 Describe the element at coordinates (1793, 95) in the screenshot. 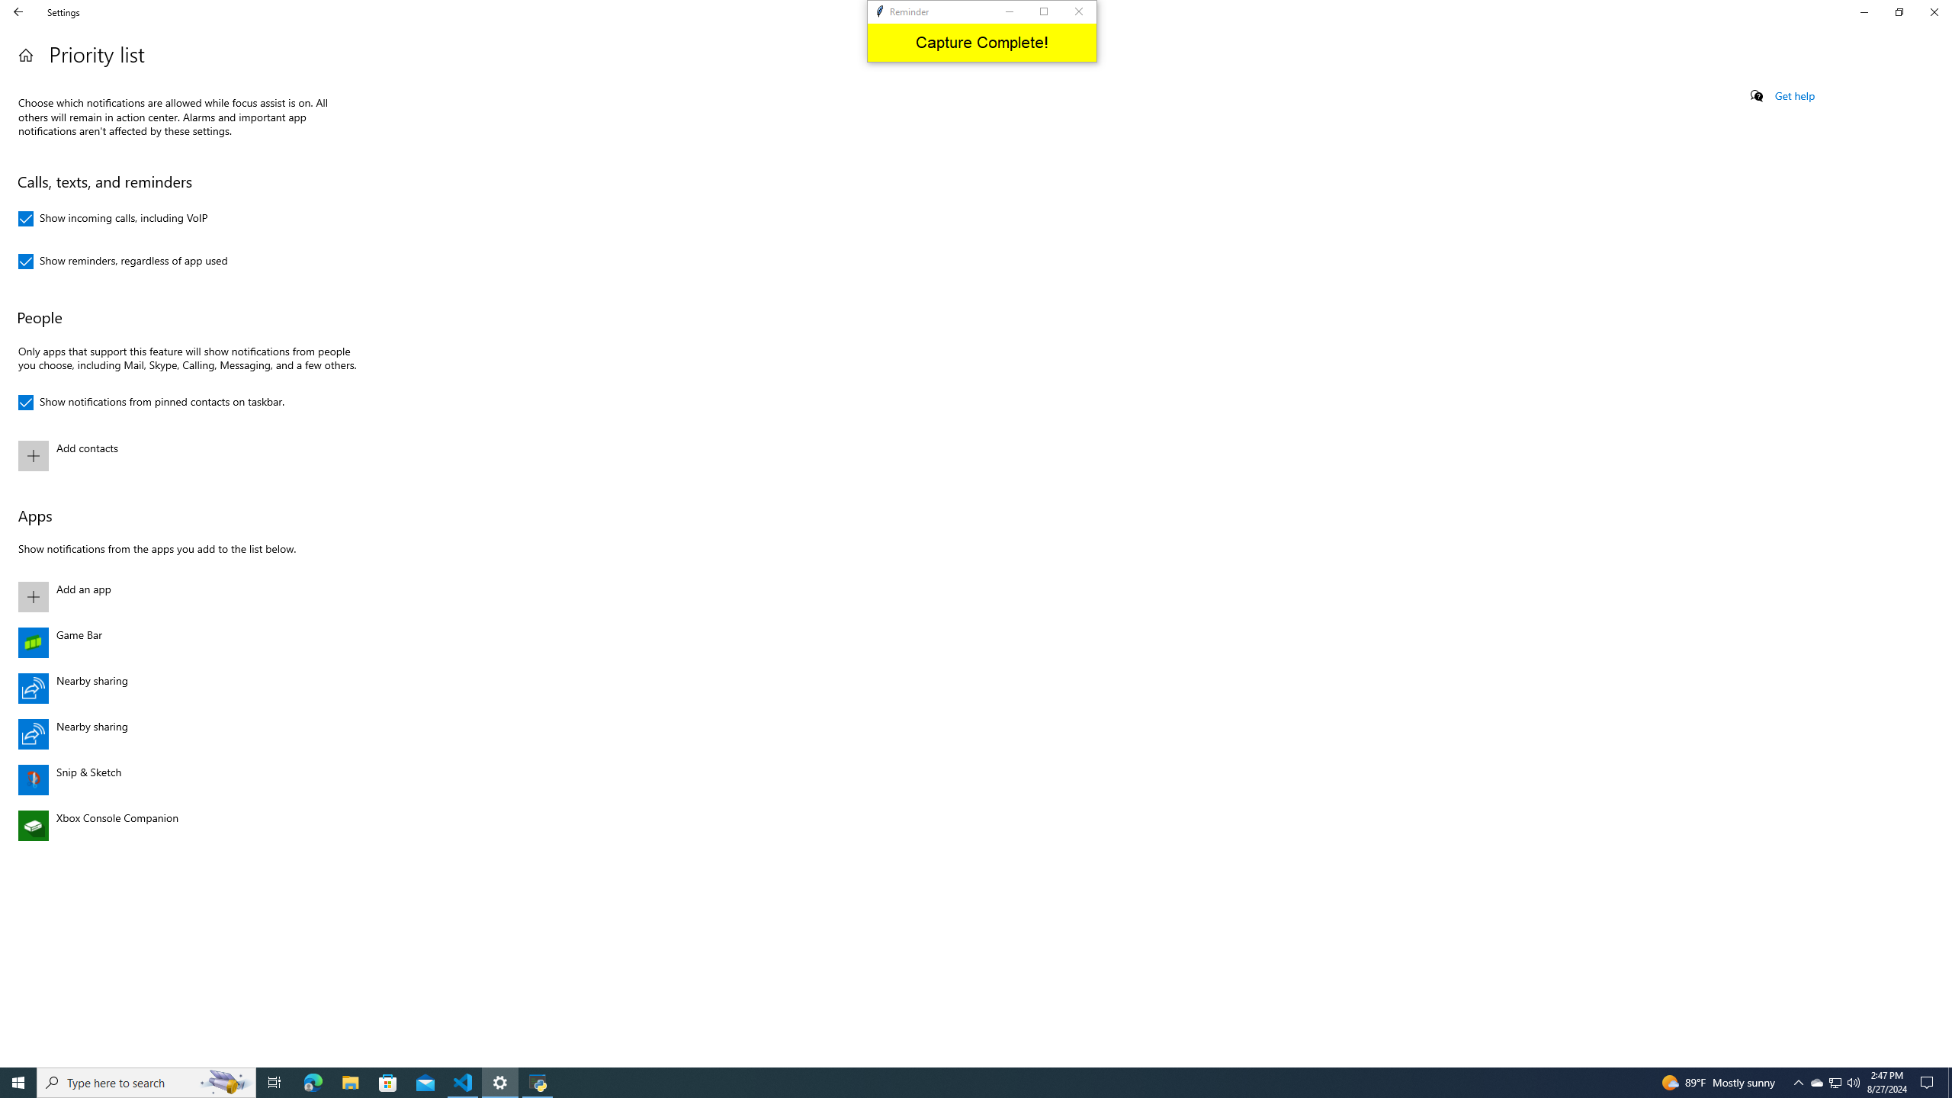

I see `'Get help'` at that location.